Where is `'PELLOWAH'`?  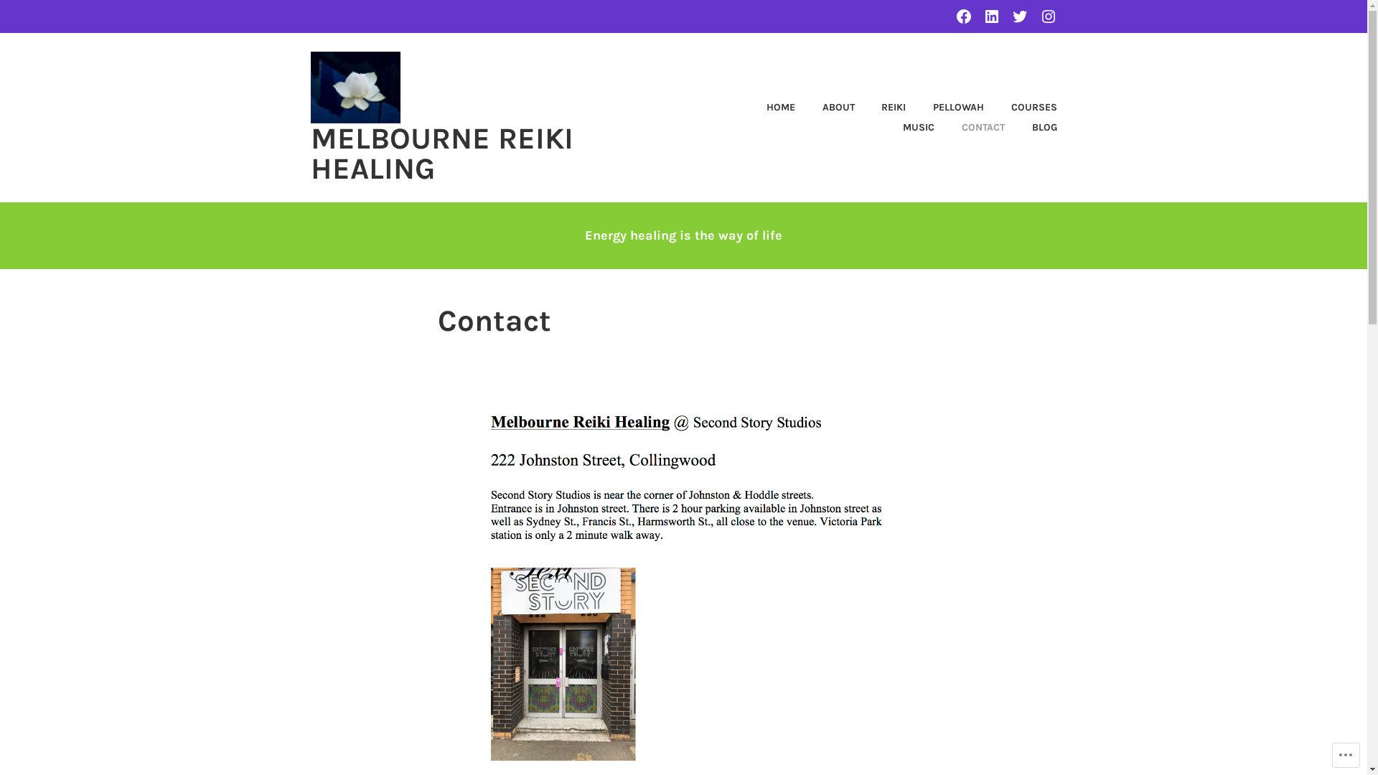
'PELLOWAH' is located at coordinates (946, 107).